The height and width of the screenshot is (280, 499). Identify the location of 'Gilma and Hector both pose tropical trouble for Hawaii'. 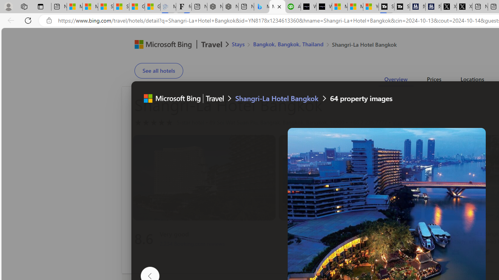
(152, 7).